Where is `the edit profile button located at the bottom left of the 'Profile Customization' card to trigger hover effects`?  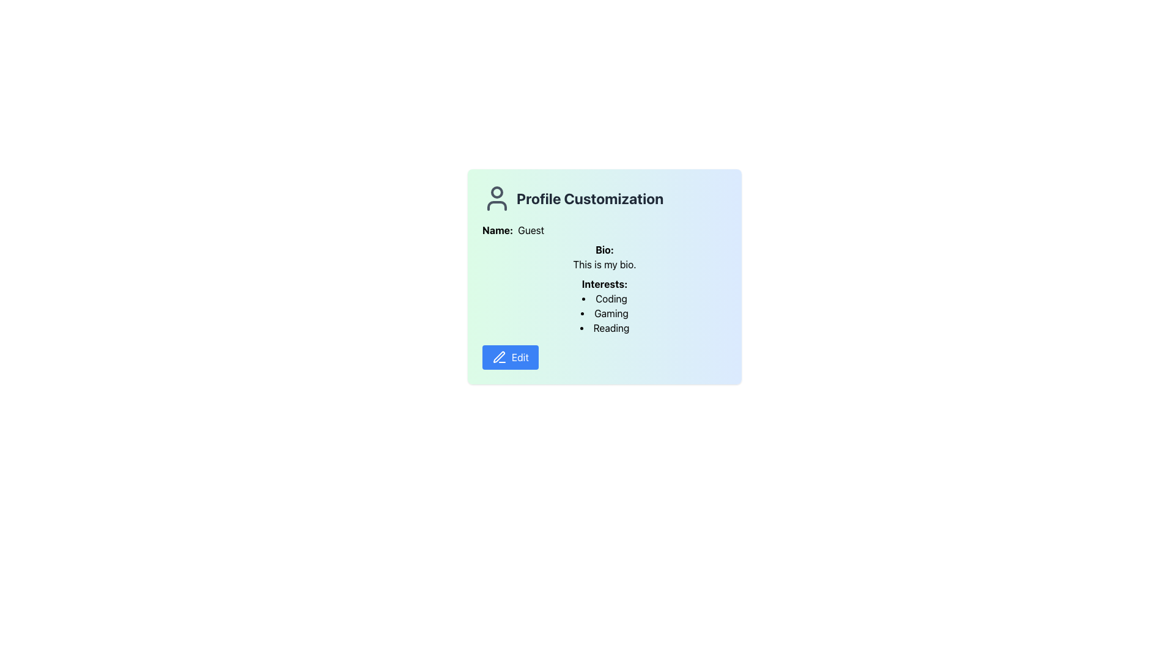 the edit profile button located at the bottom left of the 'Profile Customization' card to trigger hover effects is located at coordinates (511, 358).